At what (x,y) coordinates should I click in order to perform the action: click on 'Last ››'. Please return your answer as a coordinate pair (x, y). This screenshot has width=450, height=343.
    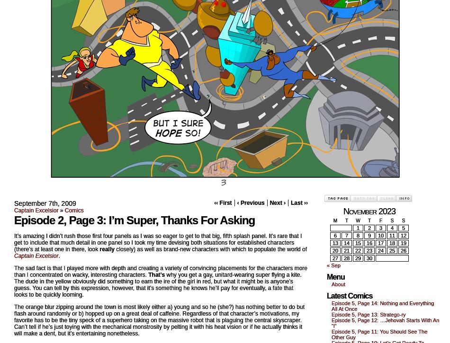
    Looking at the image, I should click on (299, 202).